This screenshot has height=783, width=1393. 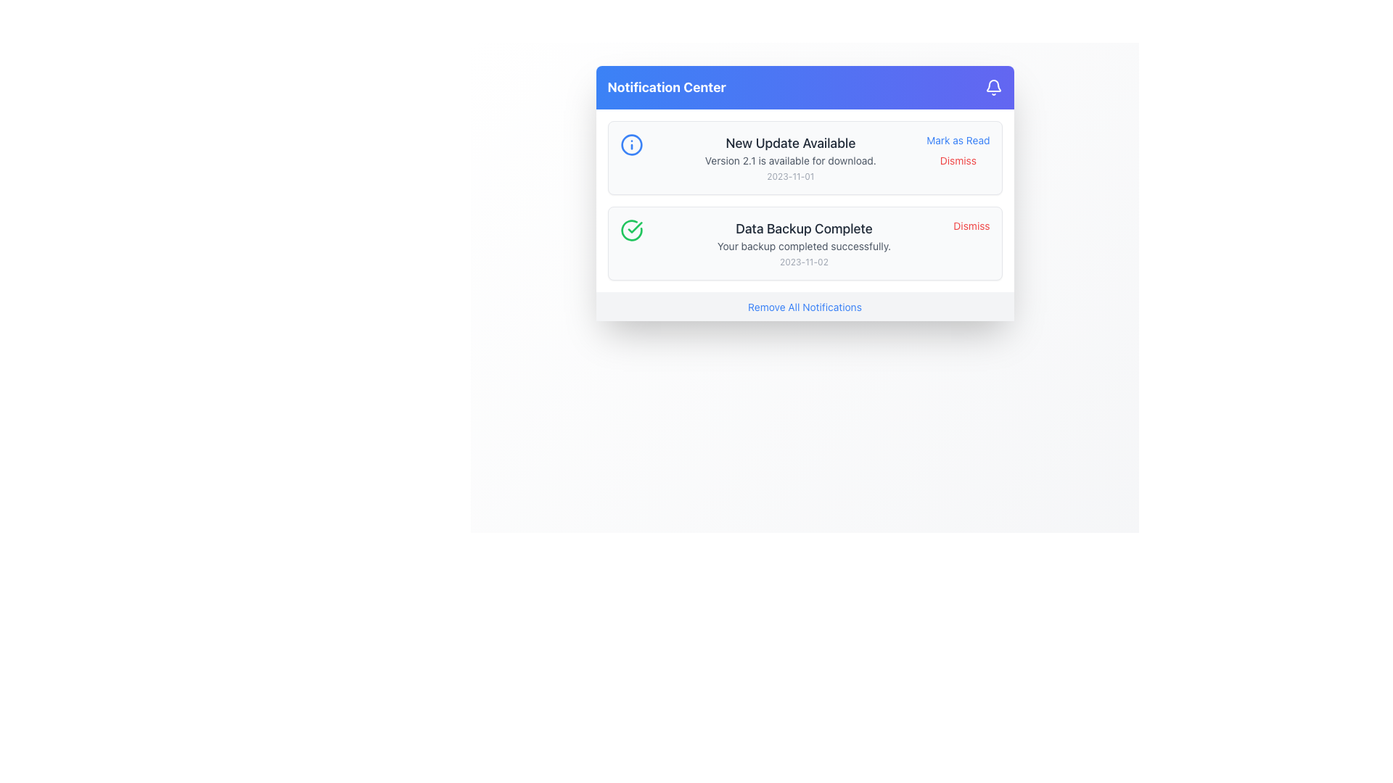 I want to click on the static date text displaying '2023-11-01' which is located beneath the 'Version 2.1 is available for download.' notification in the 'New Update Available' entry, so click(x=789, y=175).